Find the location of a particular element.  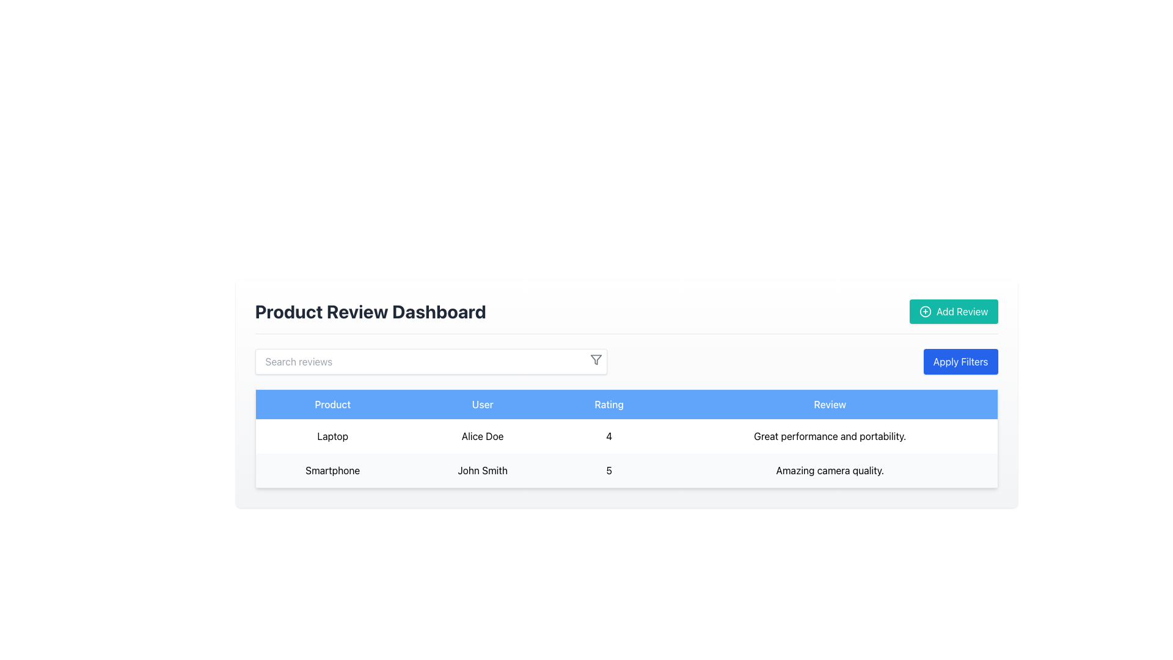

the text label that serves as the title or header of the dashboard, located at the upper-left side of the header section, to the left of the 'Add Review' button is located at coordinates (370, 310).